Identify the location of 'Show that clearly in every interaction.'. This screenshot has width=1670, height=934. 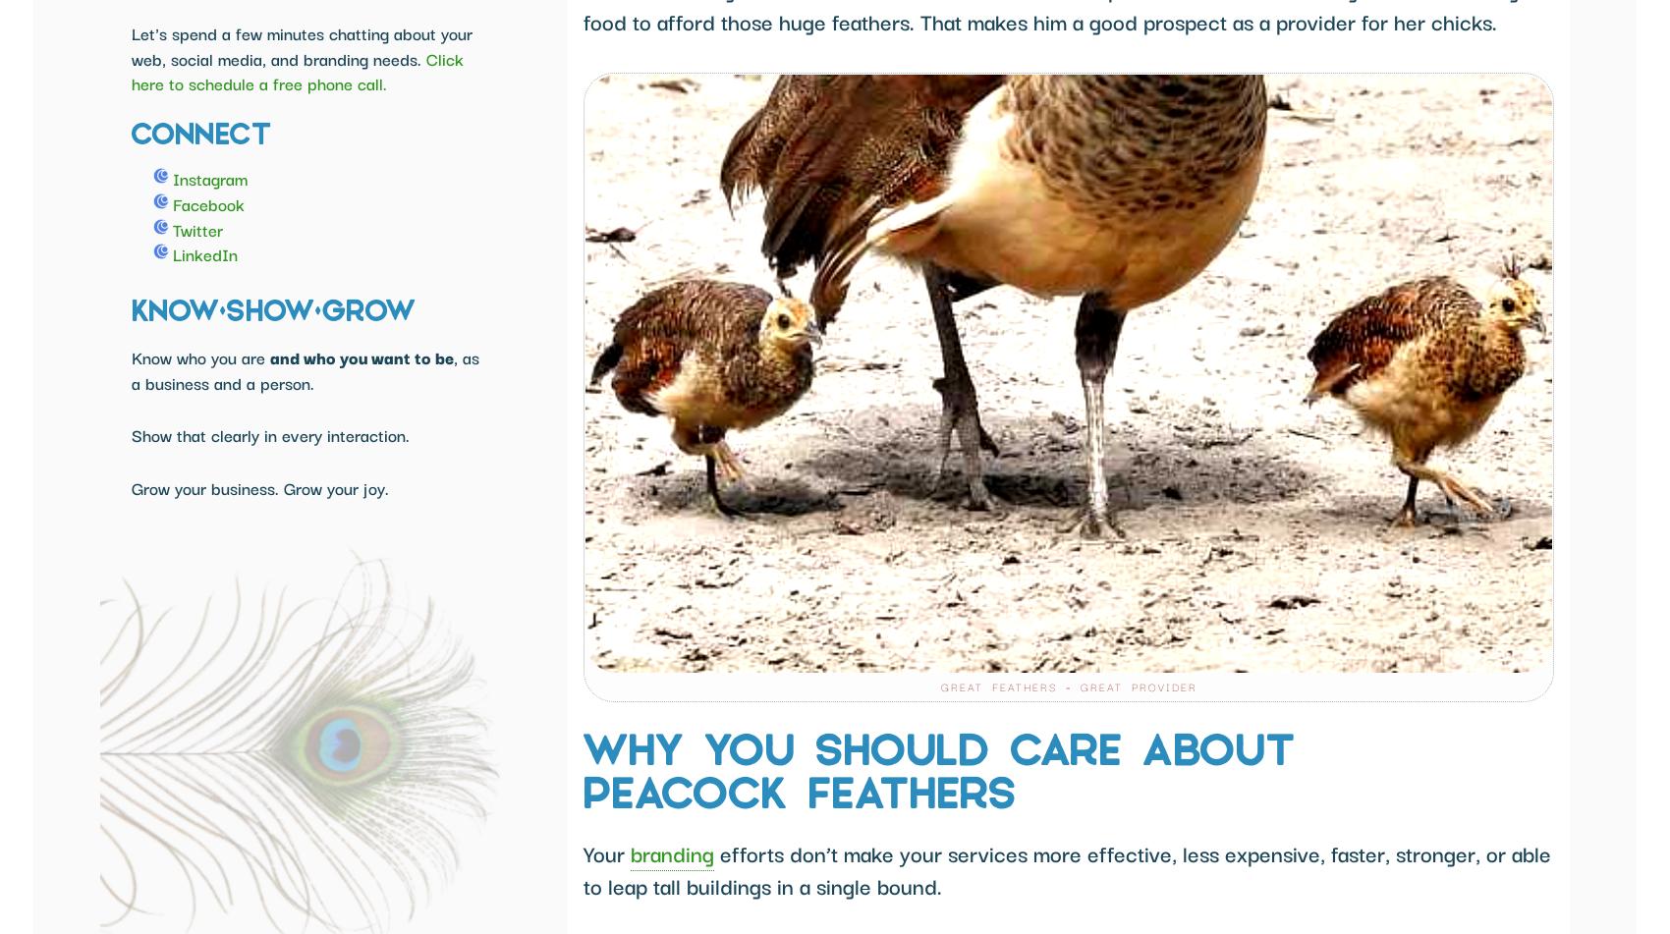
(270, 434).